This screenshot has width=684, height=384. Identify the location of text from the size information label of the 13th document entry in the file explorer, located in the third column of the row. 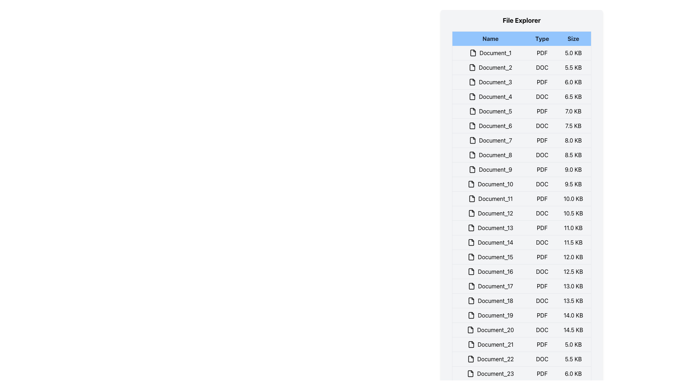
(573, 228).